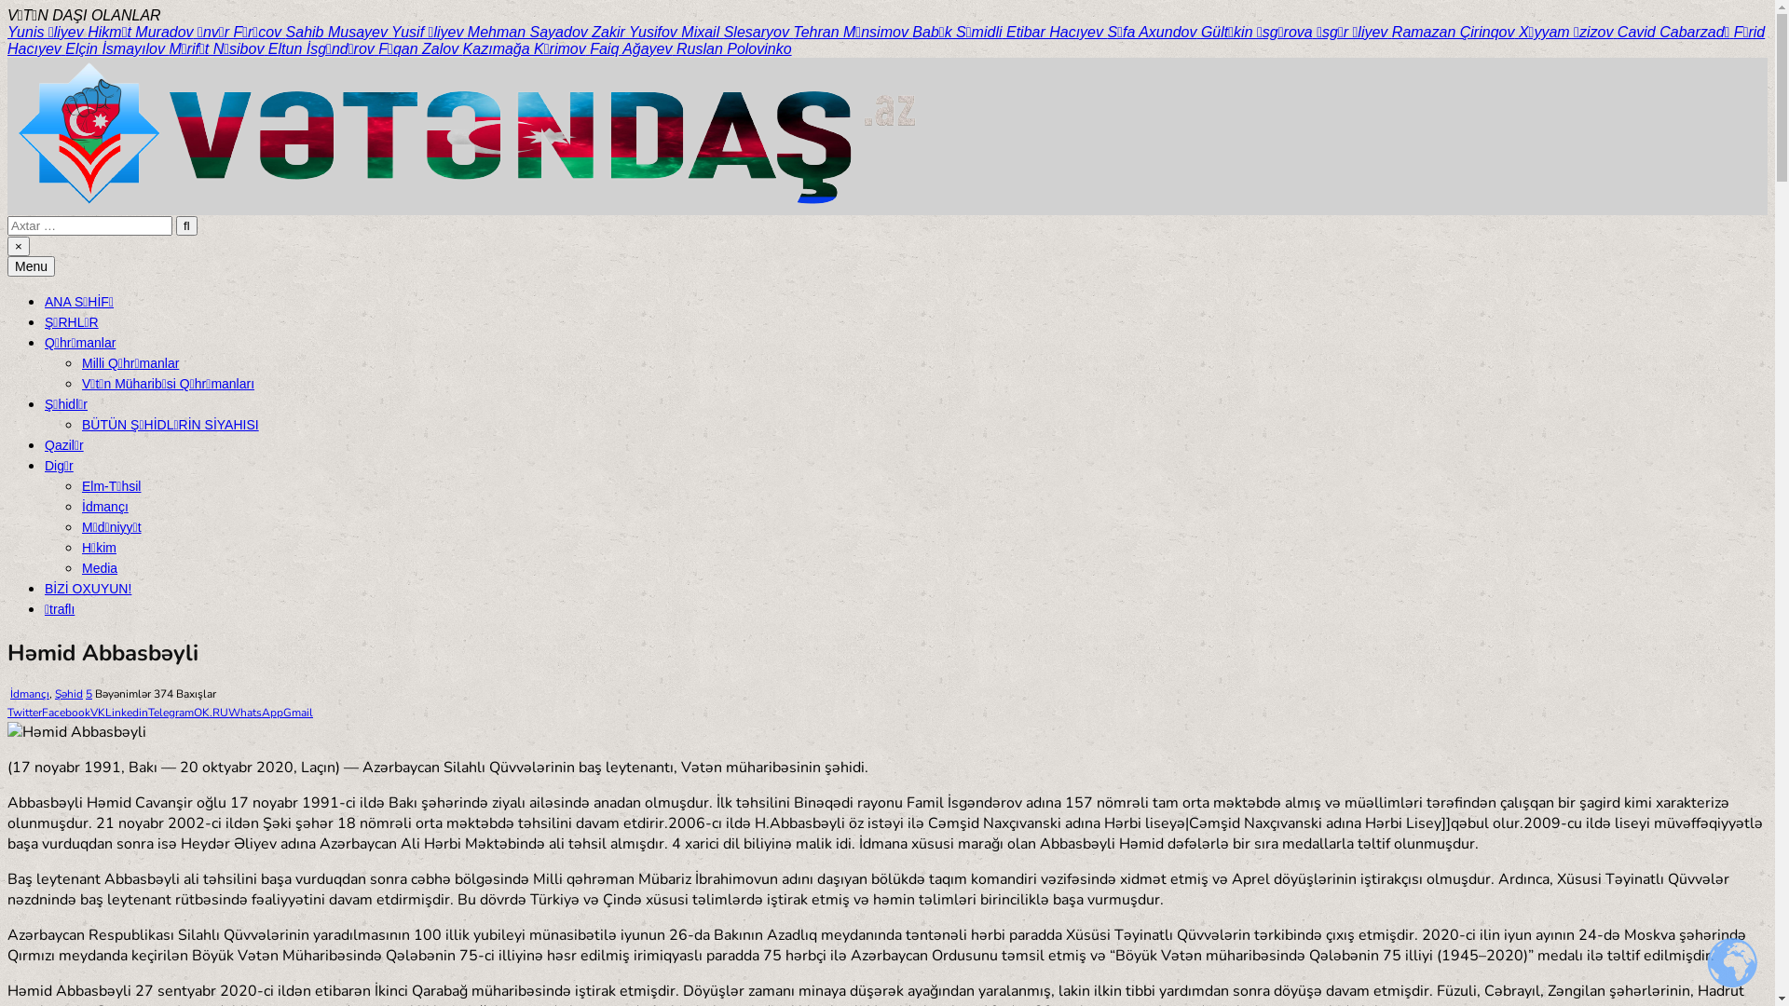 The width and height of the screenshot is (1789, 1006). I want to click on 'Ruslan Polovinko', so click(732, 48).